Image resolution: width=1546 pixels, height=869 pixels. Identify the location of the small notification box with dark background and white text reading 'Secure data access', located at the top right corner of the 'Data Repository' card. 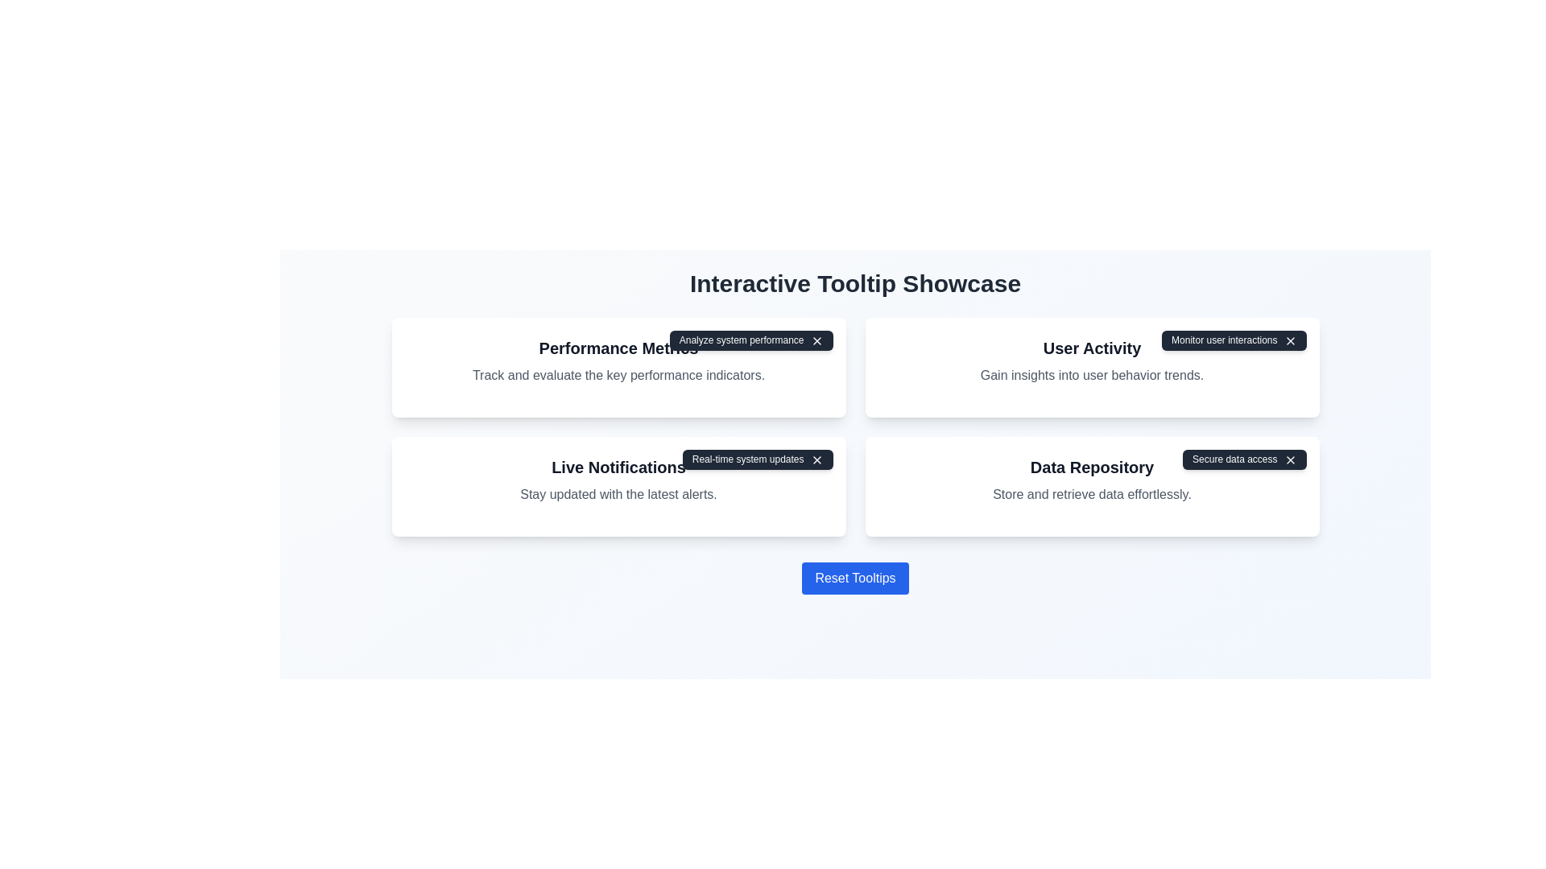
(1243, 459).